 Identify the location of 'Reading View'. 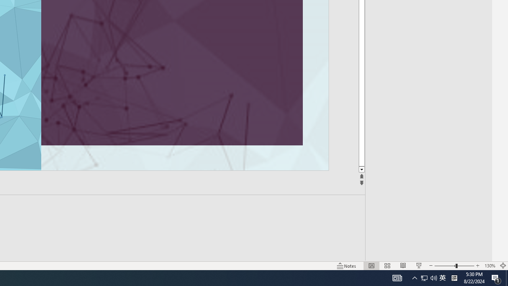
(403, 266).